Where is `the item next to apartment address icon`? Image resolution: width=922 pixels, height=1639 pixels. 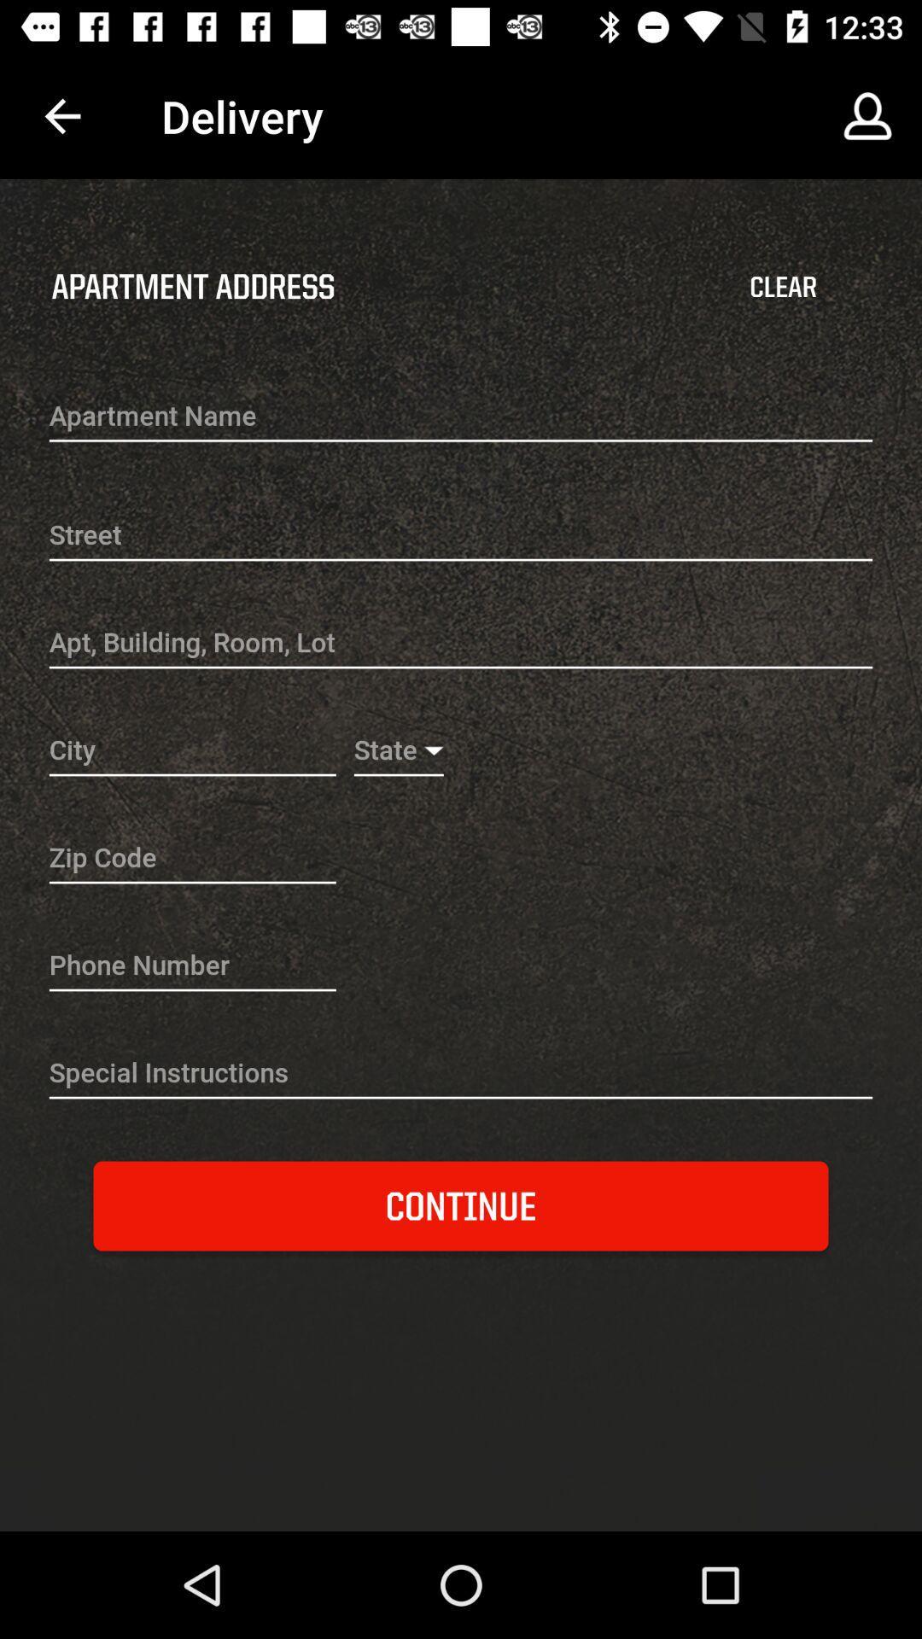
the item next to apartment address icon is located at coordinates (783, 287).